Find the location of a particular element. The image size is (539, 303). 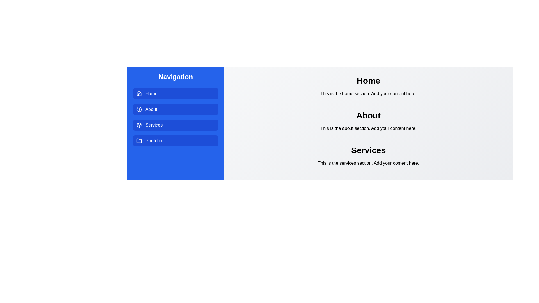

the text within the text block that contains the words 'This is the services section. Add your content here.' located directly beneath the header 'Services' is located at coordinates (368, 163).